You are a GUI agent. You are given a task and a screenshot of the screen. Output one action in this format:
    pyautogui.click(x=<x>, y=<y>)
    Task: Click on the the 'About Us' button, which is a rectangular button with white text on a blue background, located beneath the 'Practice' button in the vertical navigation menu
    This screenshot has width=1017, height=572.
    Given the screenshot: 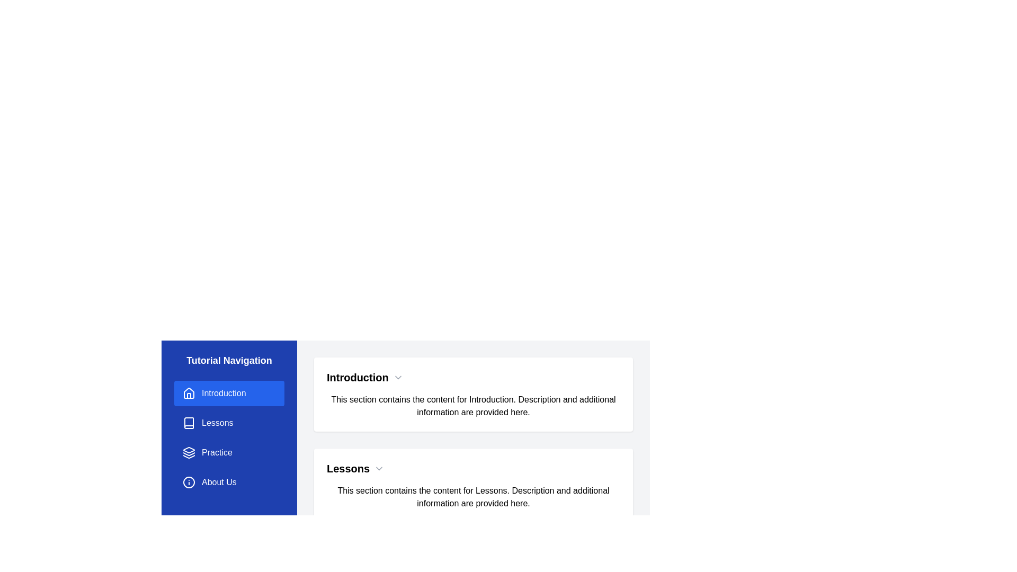 What is the action you would take?
    pyautogui.click(x=228, y=482)
    